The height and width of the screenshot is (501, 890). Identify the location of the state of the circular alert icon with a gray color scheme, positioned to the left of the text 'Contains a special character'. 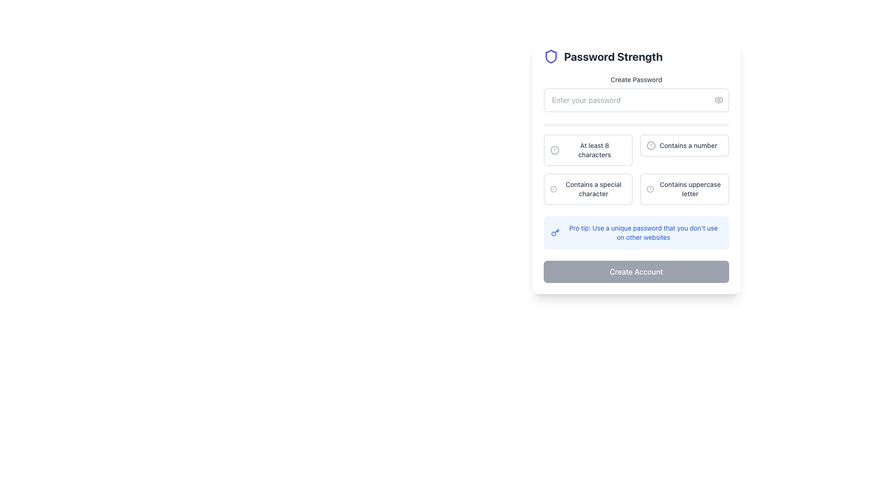
(553, 189).